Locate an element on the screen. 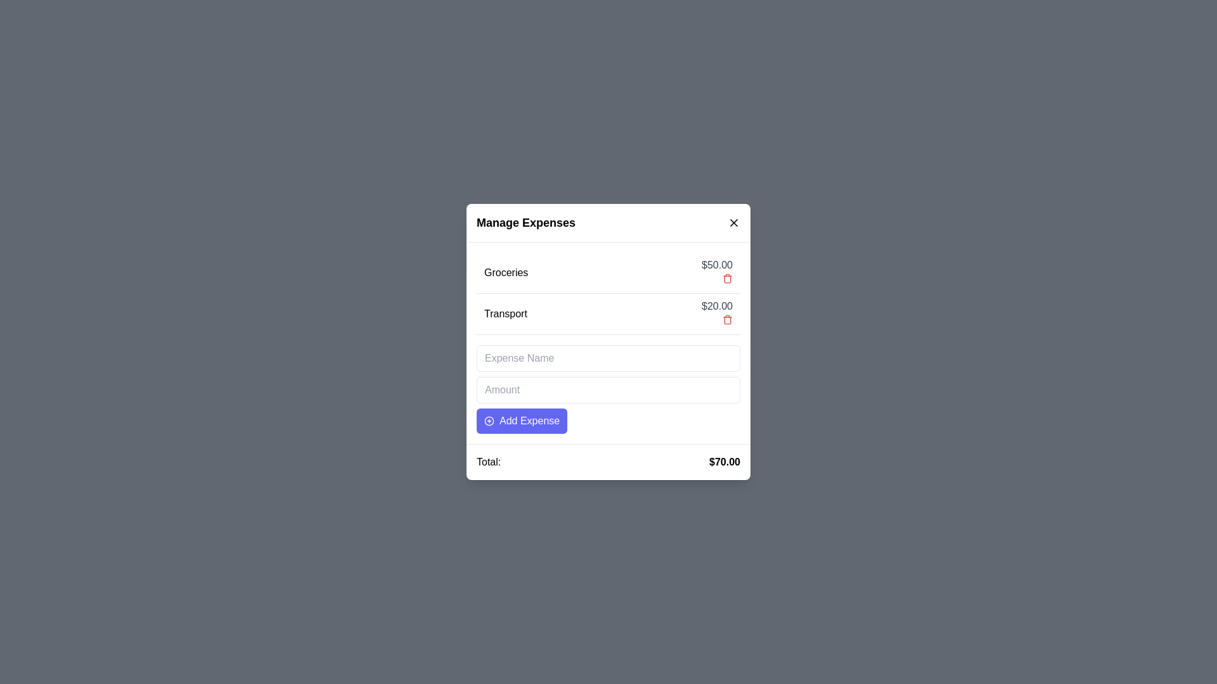 This screenshot has width=1217, height=684. the List item row displaying 'Groceries' with the amount '$50.00' and a red trashcan icon for deletion is located at coordinates (608, 272).